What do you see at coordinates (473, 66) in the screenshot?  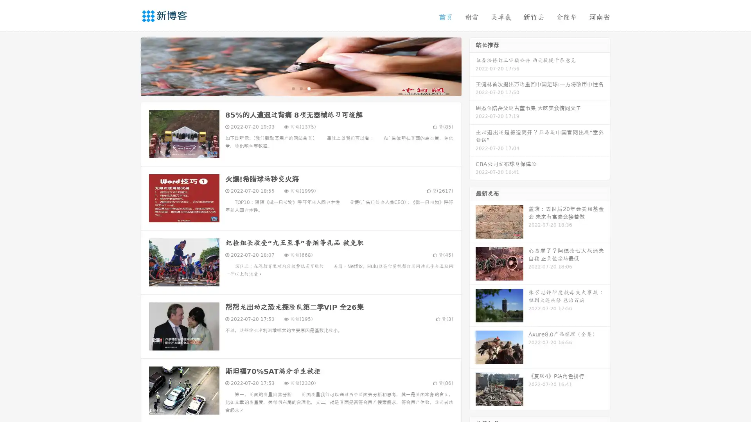 I see `Next slide` at bounding box center [473, 66].